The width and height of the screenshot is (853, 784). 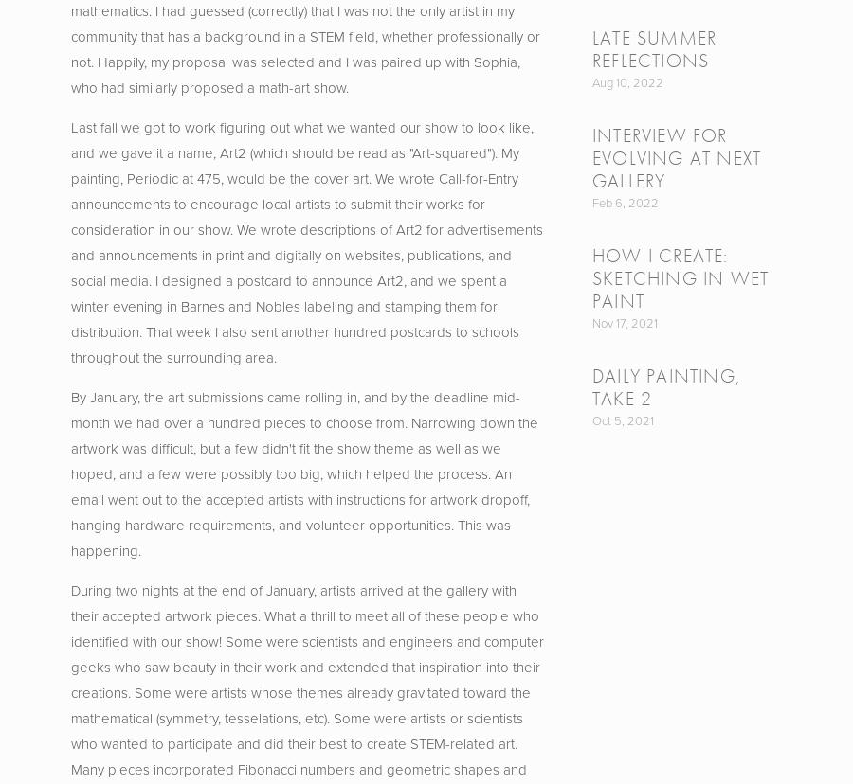 What do you see at coordinates (625, 322) in the screenshot?
I see `'Nov 17, 2021'` at bounding box center [625, 322].